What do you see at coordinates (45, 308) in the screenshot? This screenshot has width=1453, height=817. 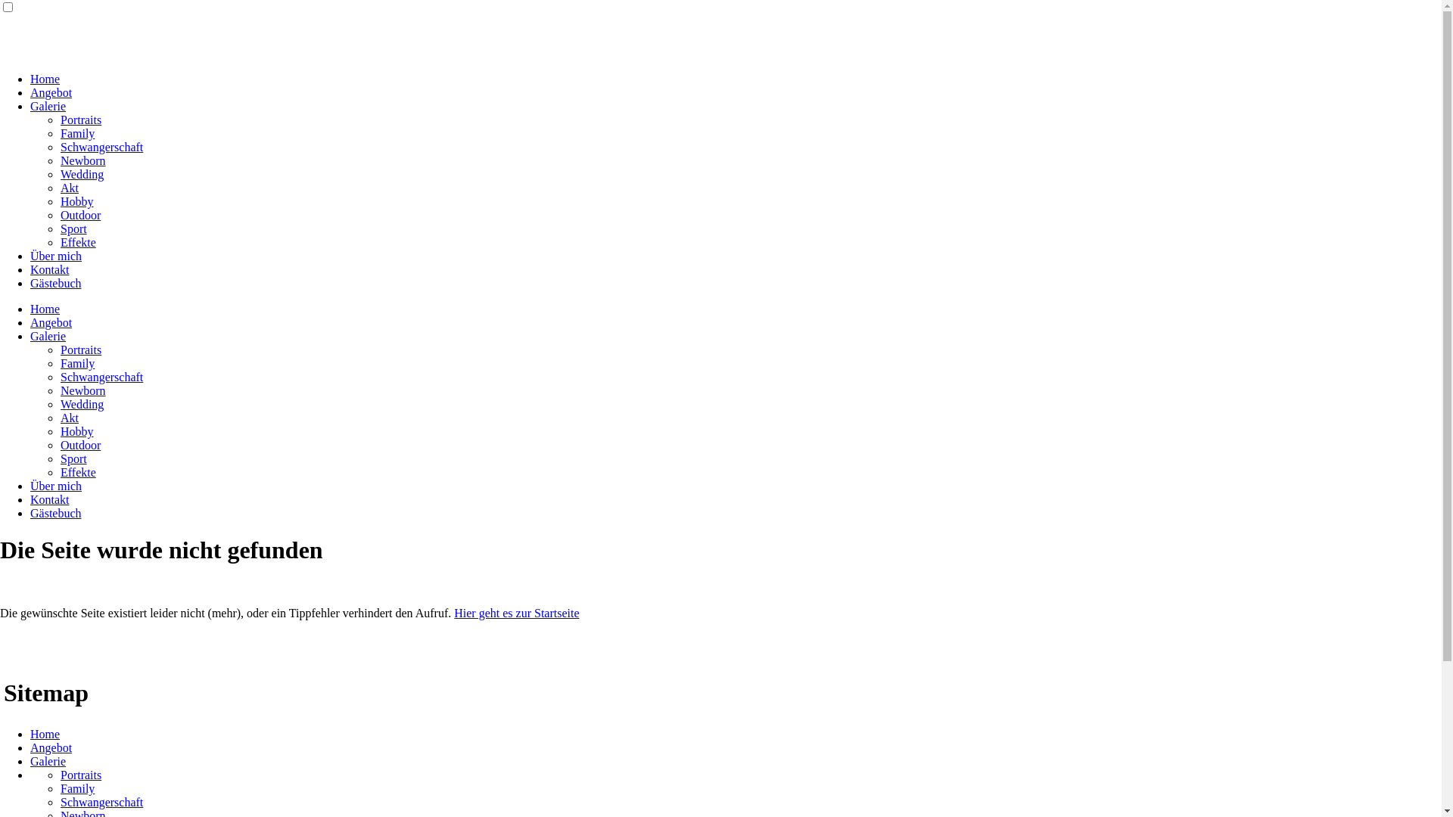 I see `'Home'` at bounding box center [45, 308].